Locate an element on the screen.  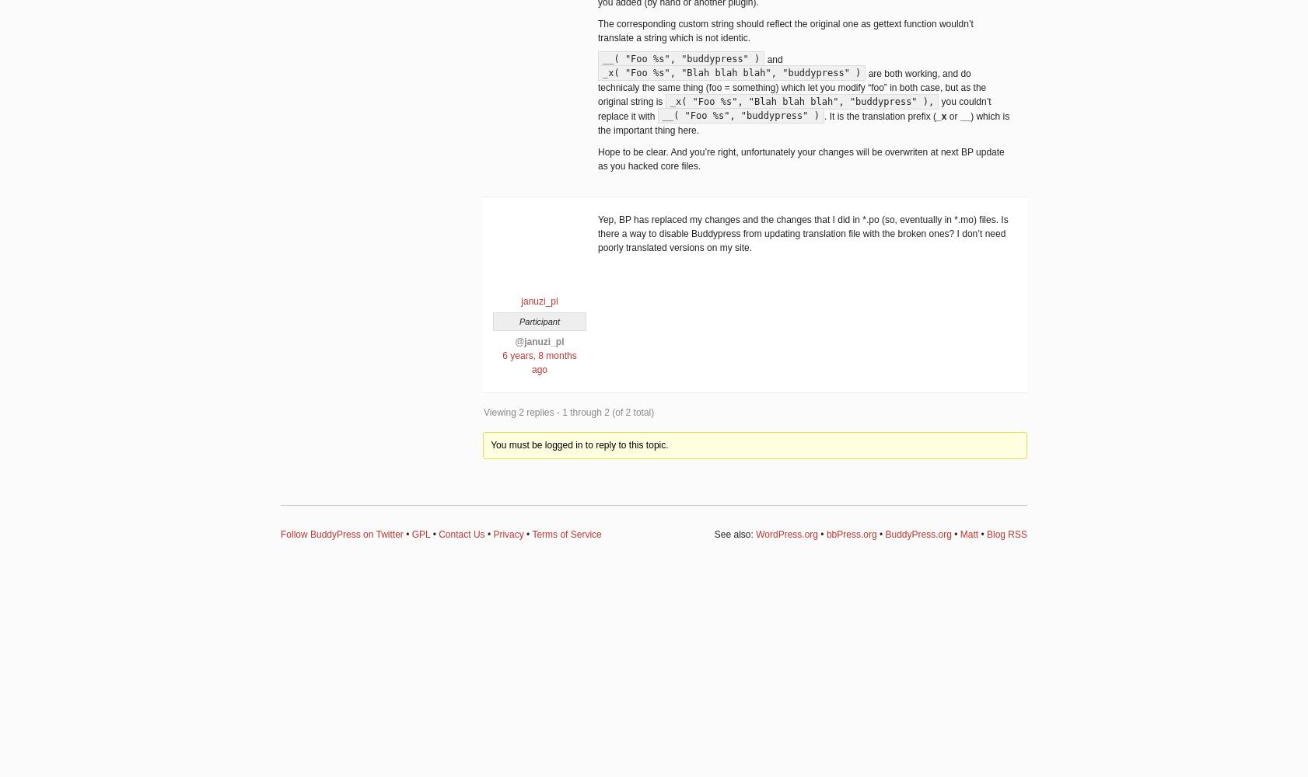
'BuddyPress.org' is located at coordinates (884, 534).